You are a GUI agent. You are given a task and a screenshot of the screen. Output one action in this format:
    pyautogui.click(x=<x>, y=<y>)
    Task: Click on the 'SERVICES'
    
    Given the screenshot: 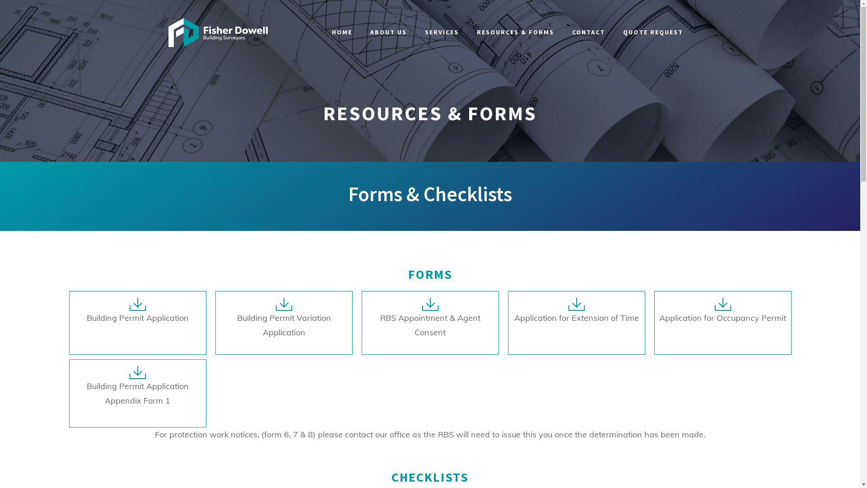 What is the action you would take?
    pyautogui.click(x=441, y=32)
    